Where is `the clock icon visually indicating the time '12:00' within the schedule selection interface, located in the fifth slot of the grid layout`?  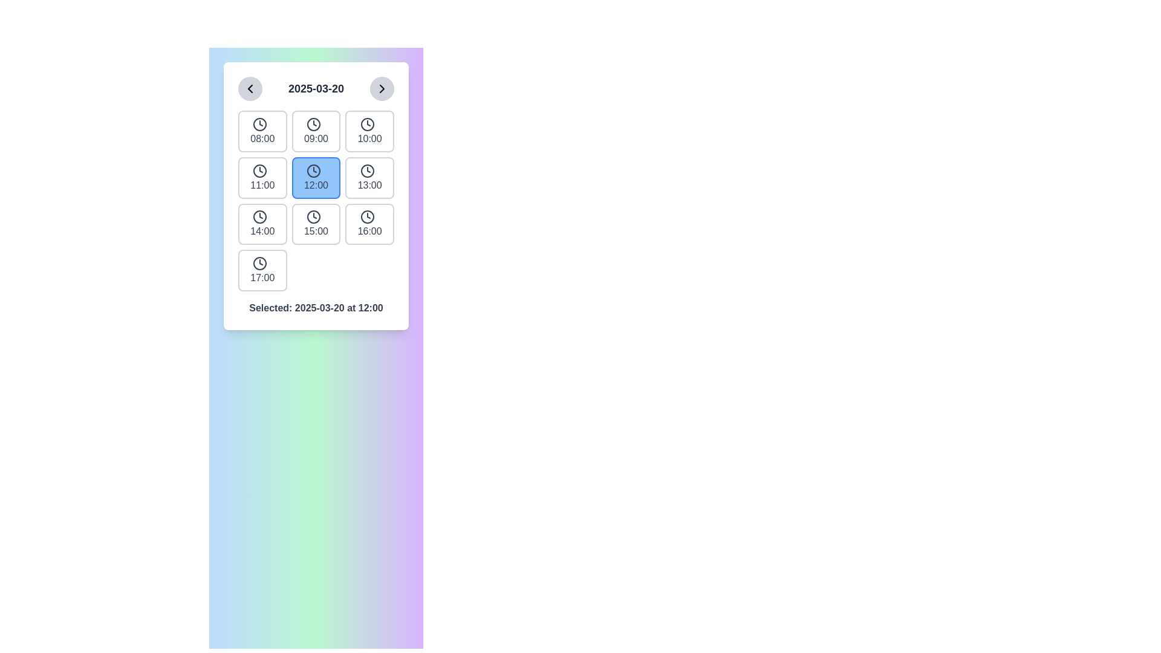 the clock icon visually indicating the time '12:00' within the schedule selection interface, located in the fifth slot of the grid layout is located at coordinates (313, 171).